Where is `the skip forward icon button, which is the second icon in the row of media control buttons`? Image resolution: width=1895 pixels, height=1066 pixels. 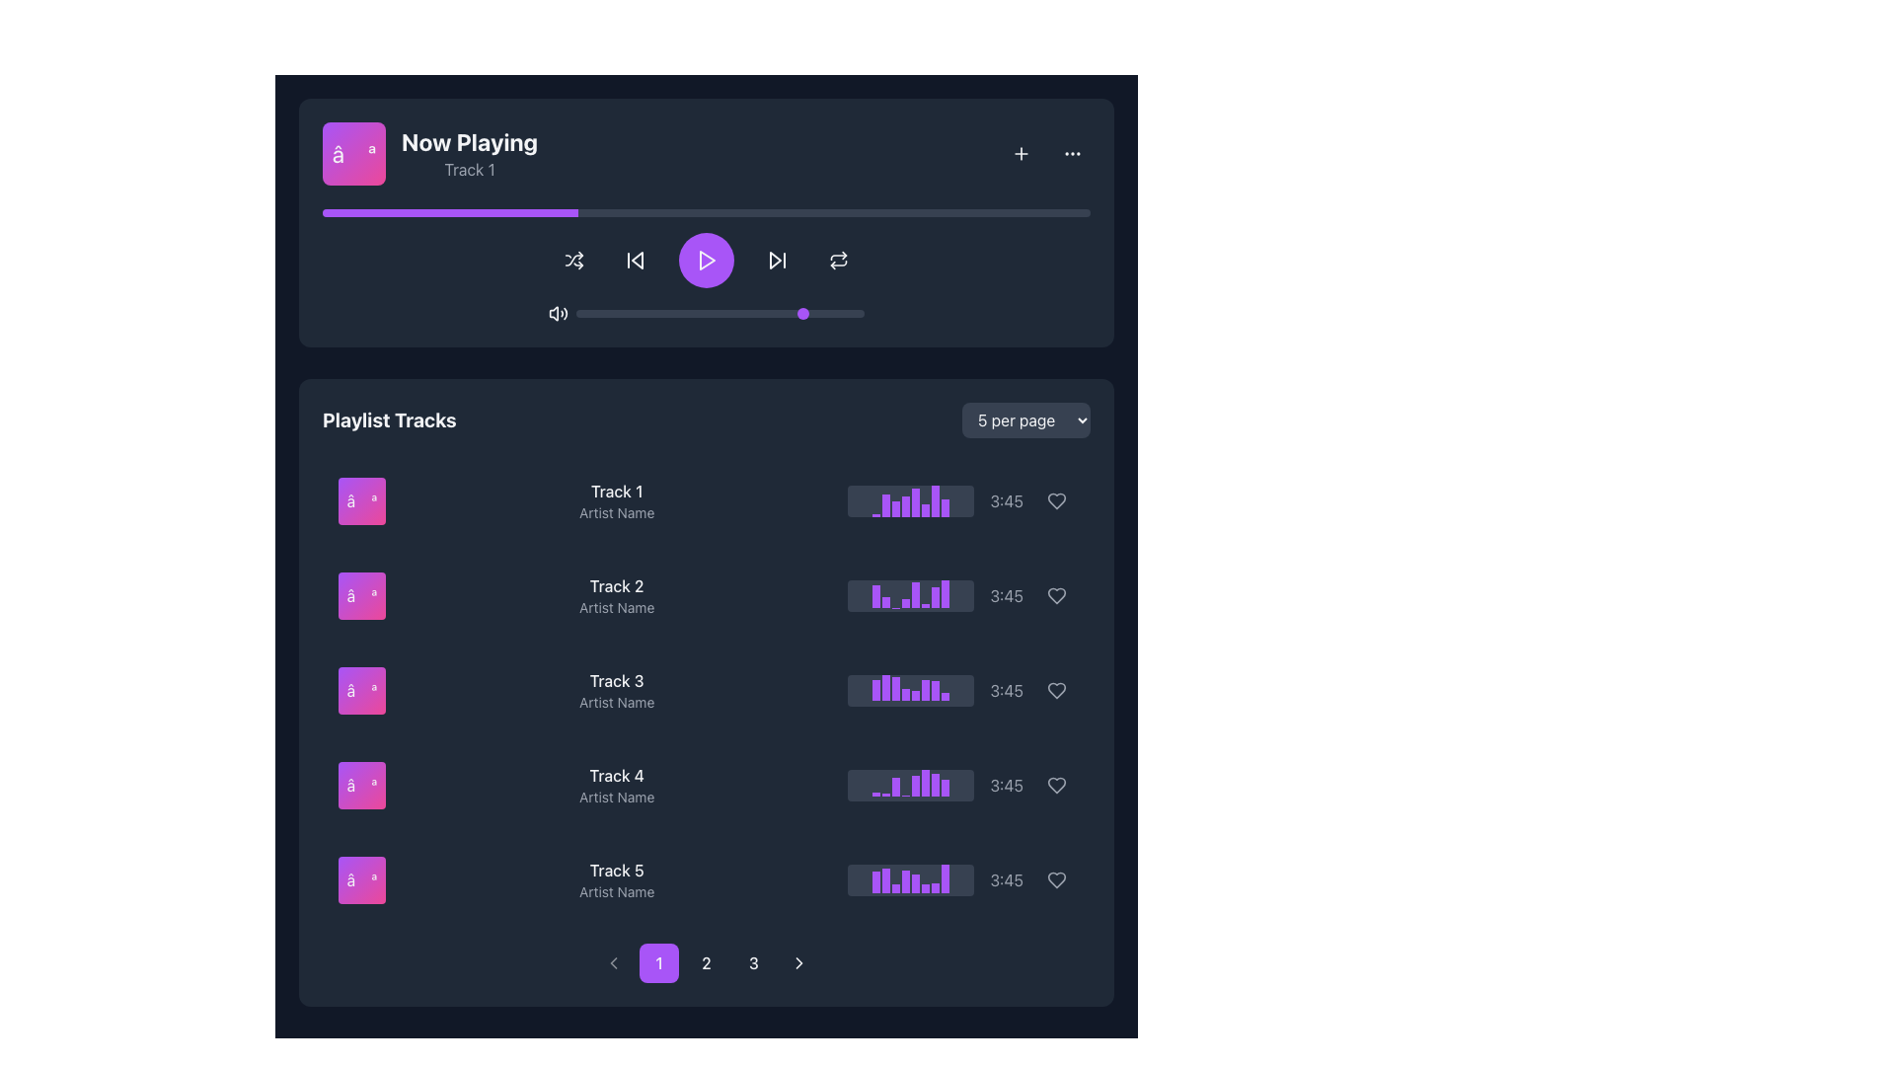
the skip forward icon button, which is the second icon in the row of media control buttons is located at coordinates (776, 259).